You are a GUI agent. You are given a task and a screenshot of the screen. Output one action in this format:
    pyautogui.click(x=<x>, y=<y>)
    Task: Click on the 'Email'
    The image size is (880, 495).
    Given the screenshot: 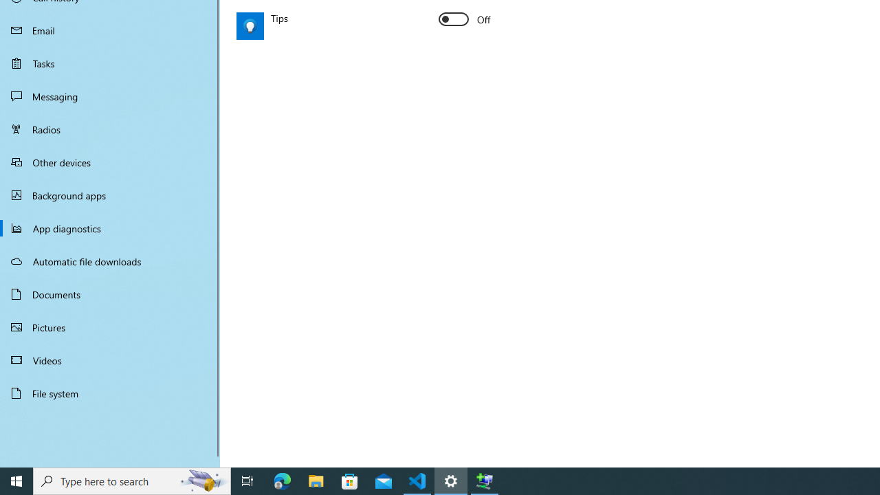 What is the action you would take?
    pyautogui.click(x=110, y=30)
    